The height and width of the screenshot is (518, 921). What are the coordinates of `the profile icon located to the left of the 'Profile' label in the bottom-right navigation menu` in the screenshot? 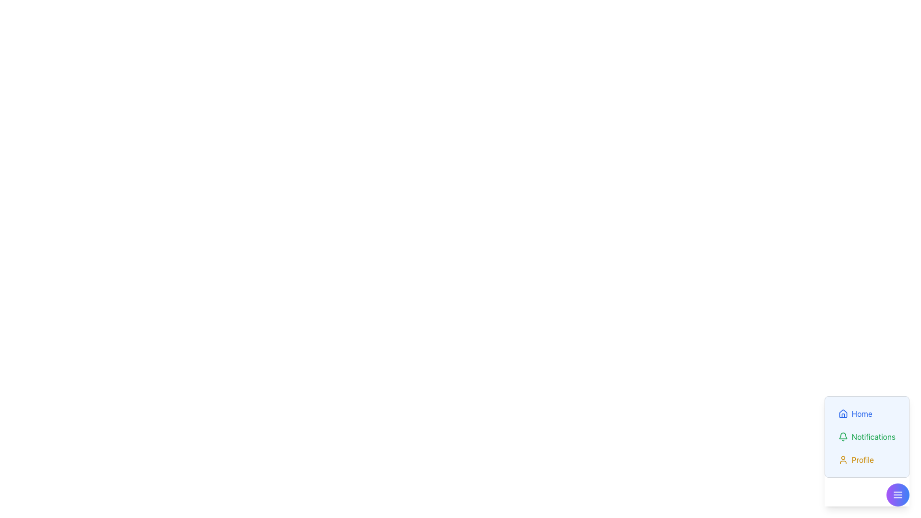 It's located at (842, 459).